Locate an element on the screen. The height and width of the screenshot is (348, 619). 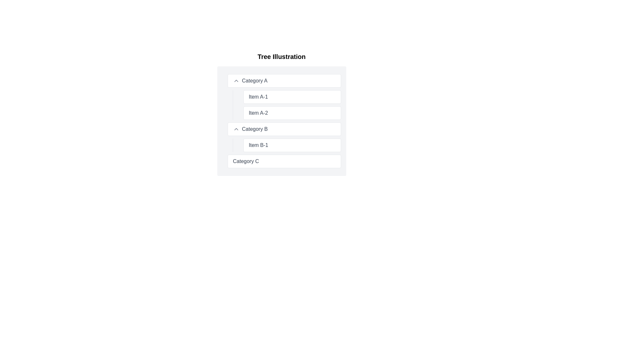
the text label displaying 'Item B-1' is located at coordinates (286, 145).